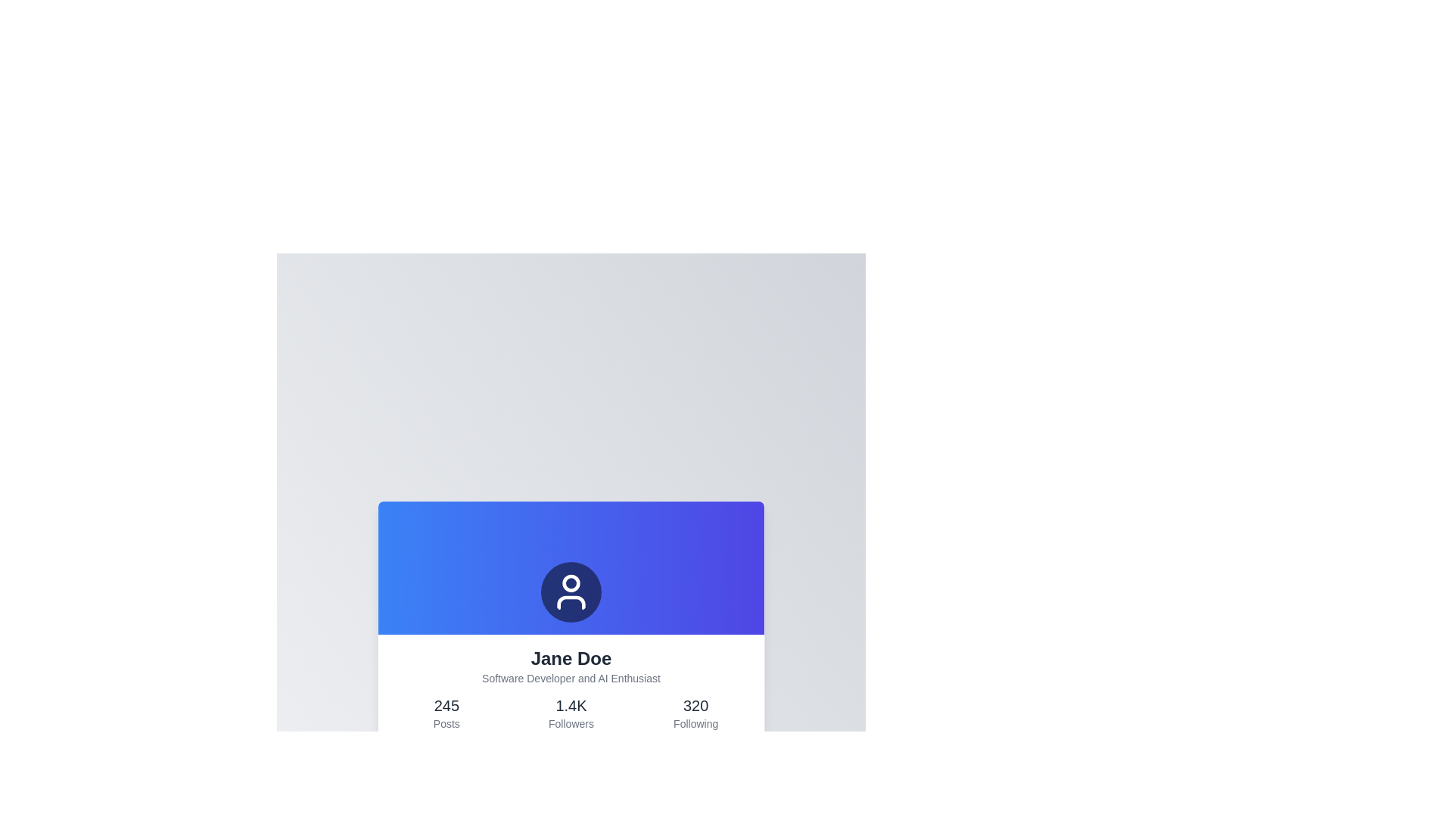 The height and width of the screenshot is (817, 1453). Describe the element at coordinates (570, 713) in the screenshot. I see `the text display element showing '1.4K Followers' which is located in the middle column of the profile details section, flanked by '245 Posts' and '320 Following'` at that location.